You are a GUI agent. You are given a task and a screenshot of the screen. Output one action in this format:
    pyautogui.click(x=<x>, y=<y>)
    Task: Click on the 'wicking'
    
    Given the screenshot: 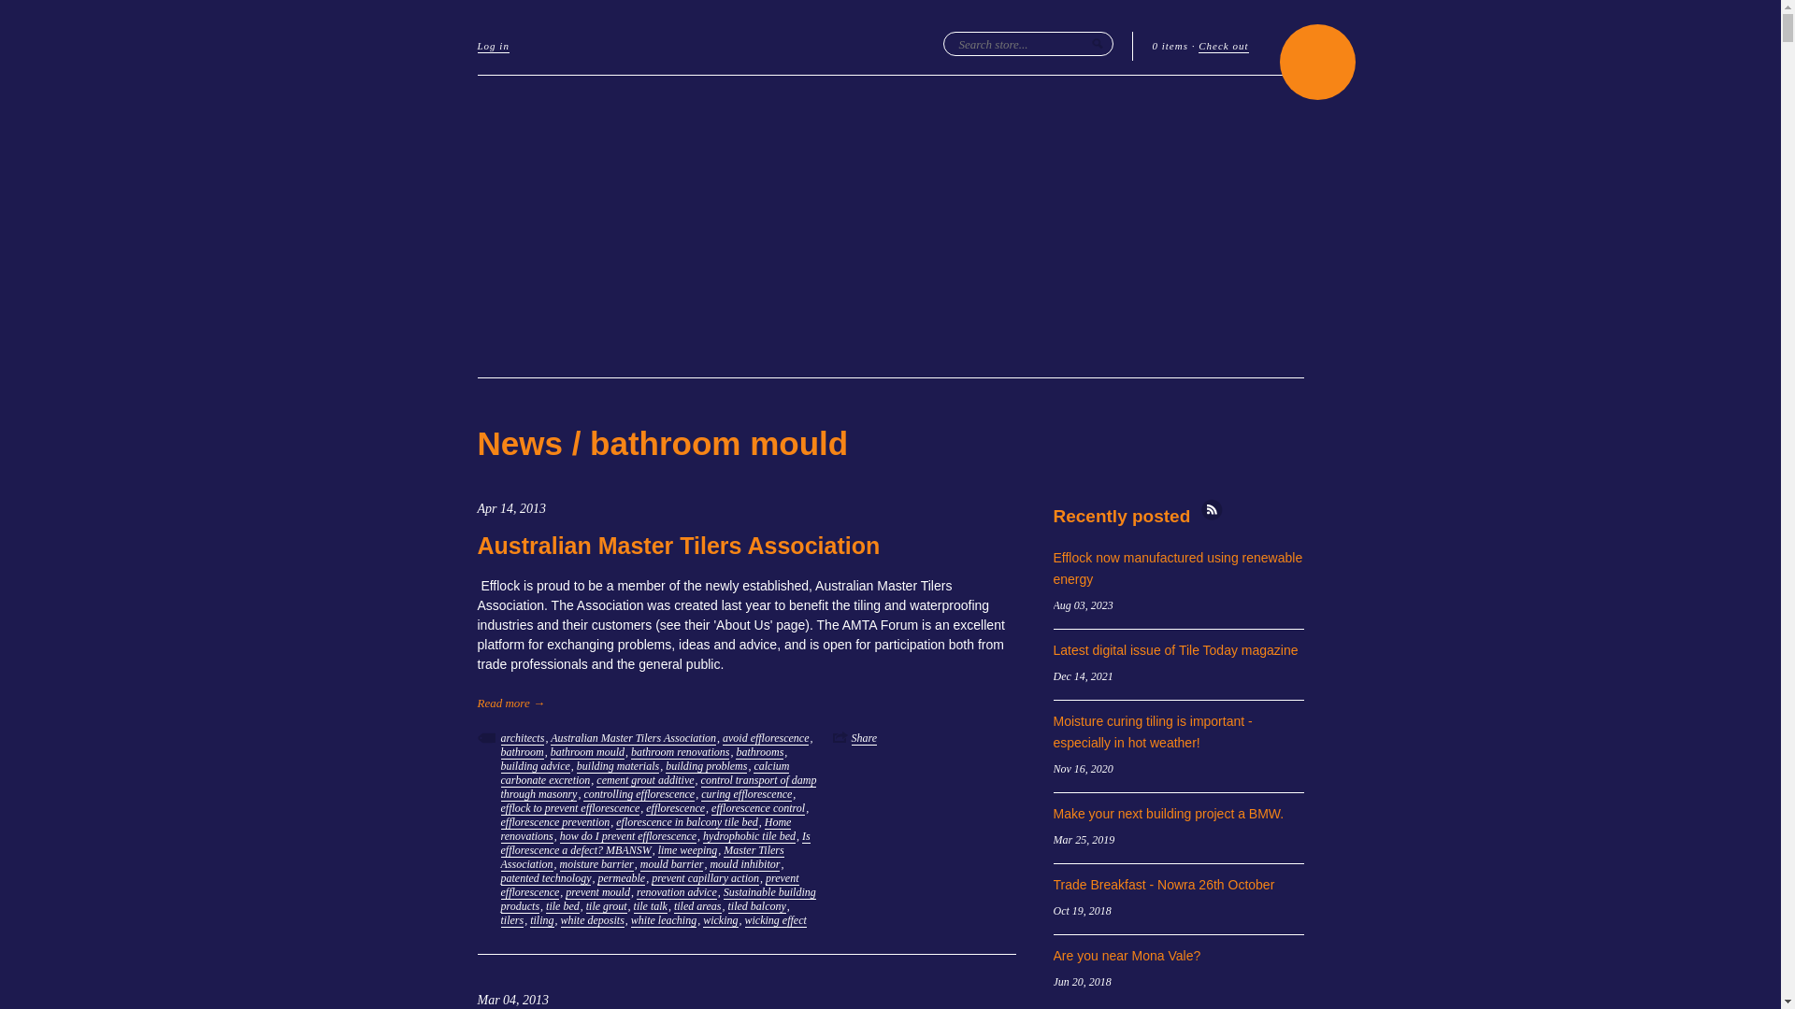 What is the action you would take?
    pyautogui.click(x=702, y=919)
    